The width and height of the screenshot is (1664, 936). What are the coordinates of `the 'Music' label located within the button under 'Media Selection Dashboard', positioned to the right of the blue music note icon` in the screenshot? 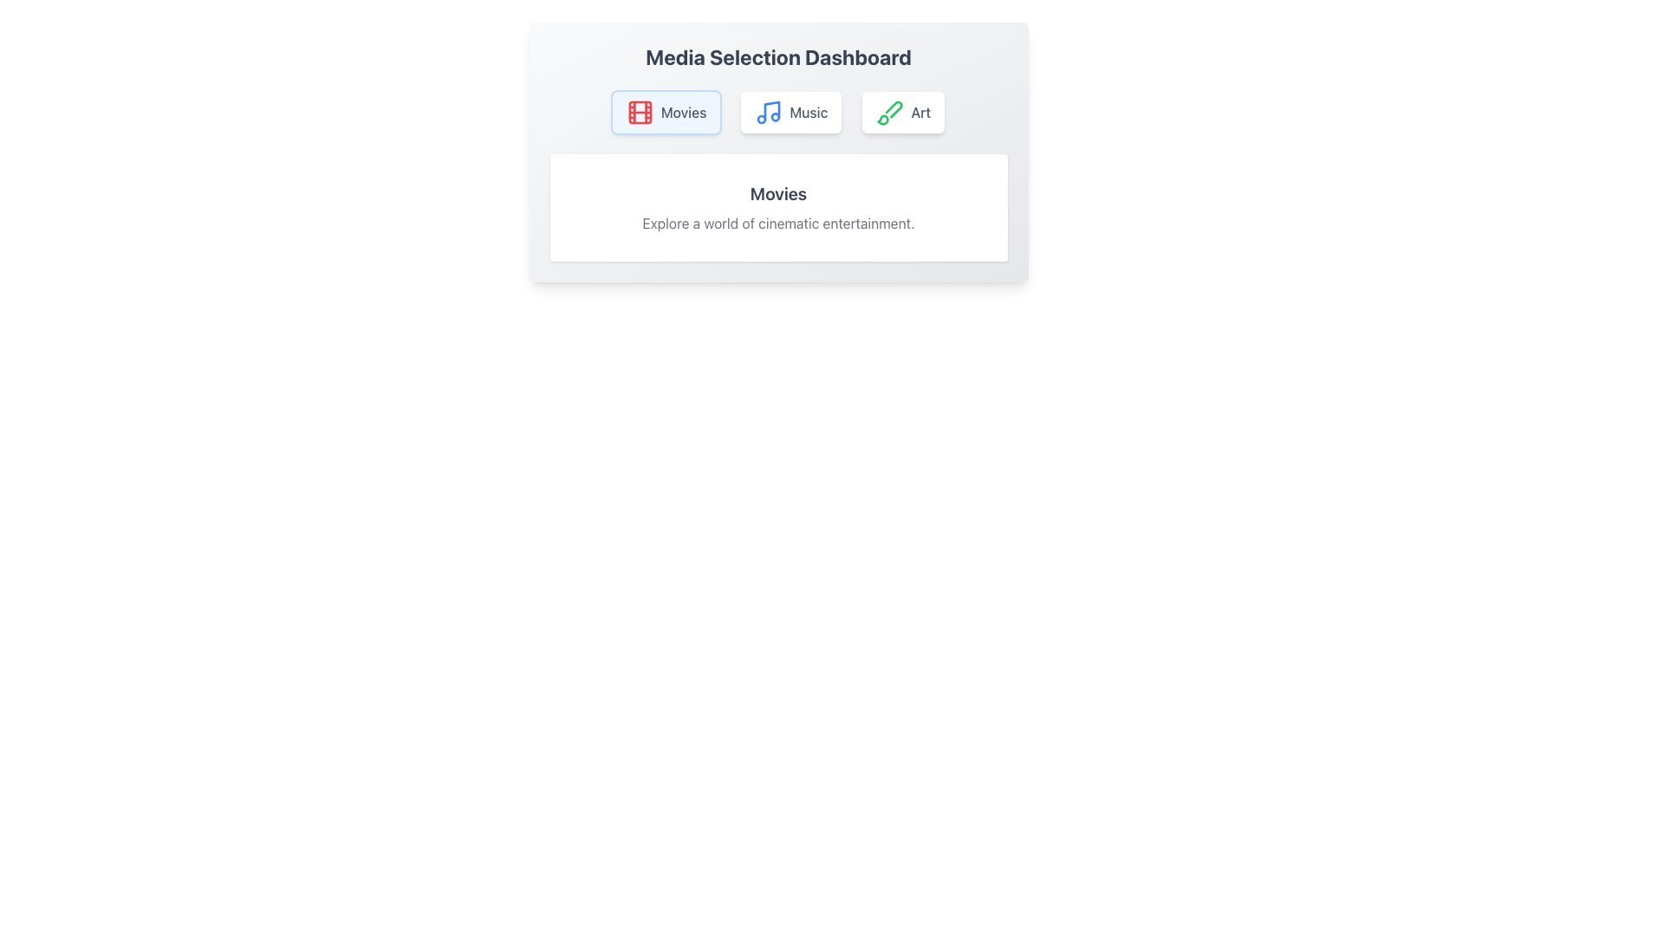 It's located at (808, 113).